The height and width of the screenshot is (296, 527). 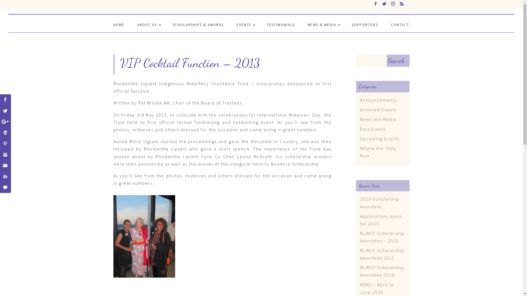 What do you see at coordinates (378, 100) in the screenshot?
I see `'Announcements'` at bounding box center [378, 100].